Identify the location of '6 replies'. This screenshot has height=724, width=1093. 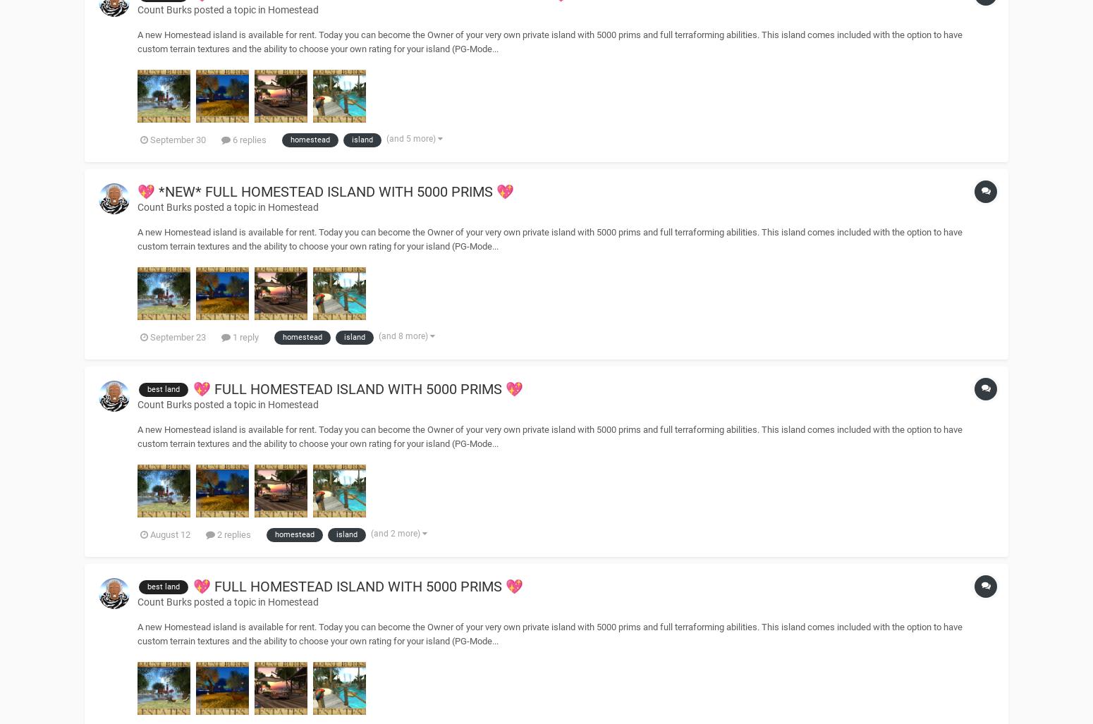
(248, 139).